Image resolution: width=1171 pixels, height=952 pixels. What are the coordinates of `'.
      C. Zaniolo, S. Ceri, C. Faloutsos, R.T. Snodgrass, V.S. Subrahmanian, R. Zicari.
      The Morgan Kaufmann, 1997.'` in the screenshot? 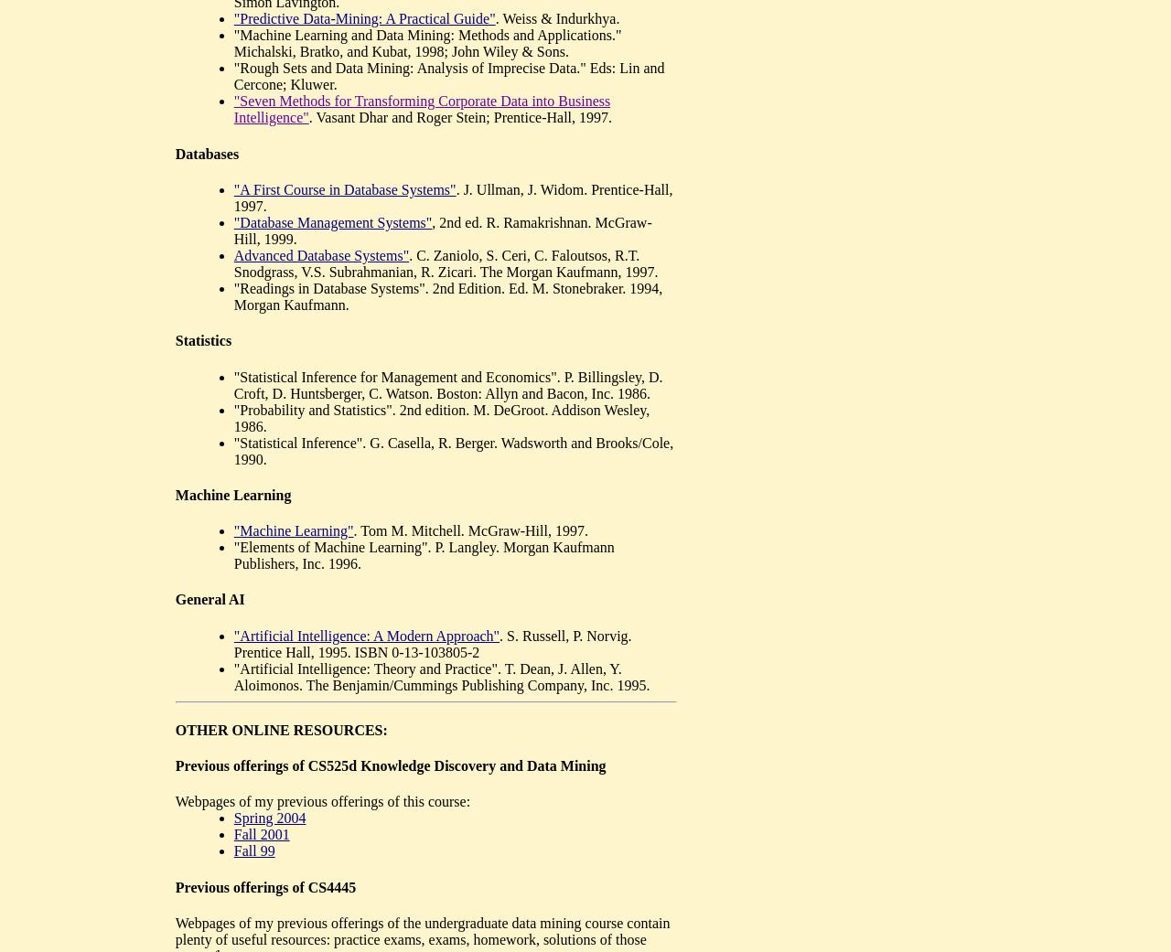 It's located at (446, 262).